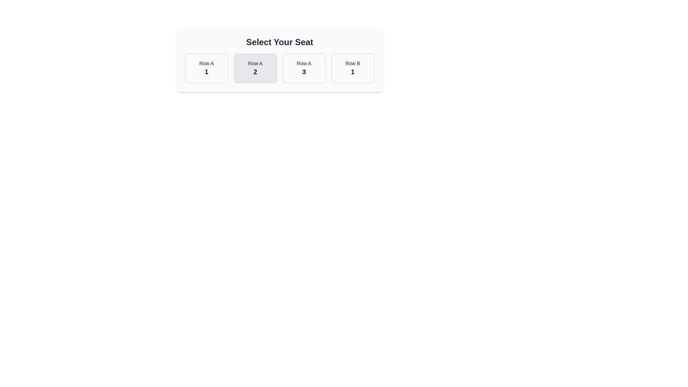  Describe the element at coordinates (279, 42) in the screenshot. I see `the heading element that serves as a title for the seat selection interface, which is centrally positioned above the seat options grid` at that location.